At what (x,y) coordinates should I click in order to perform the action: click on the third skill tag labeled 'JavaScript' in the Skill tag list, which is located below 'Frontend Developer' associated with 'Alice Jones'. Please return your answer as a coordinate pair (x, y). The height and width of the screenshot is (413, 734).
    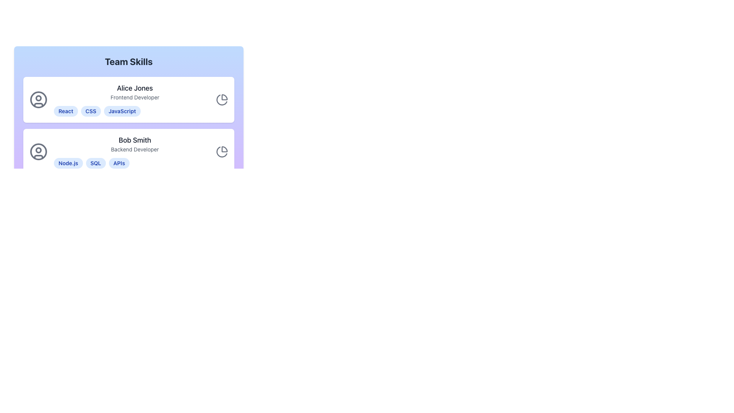
    Looking at the image, I should click on (135, 111).